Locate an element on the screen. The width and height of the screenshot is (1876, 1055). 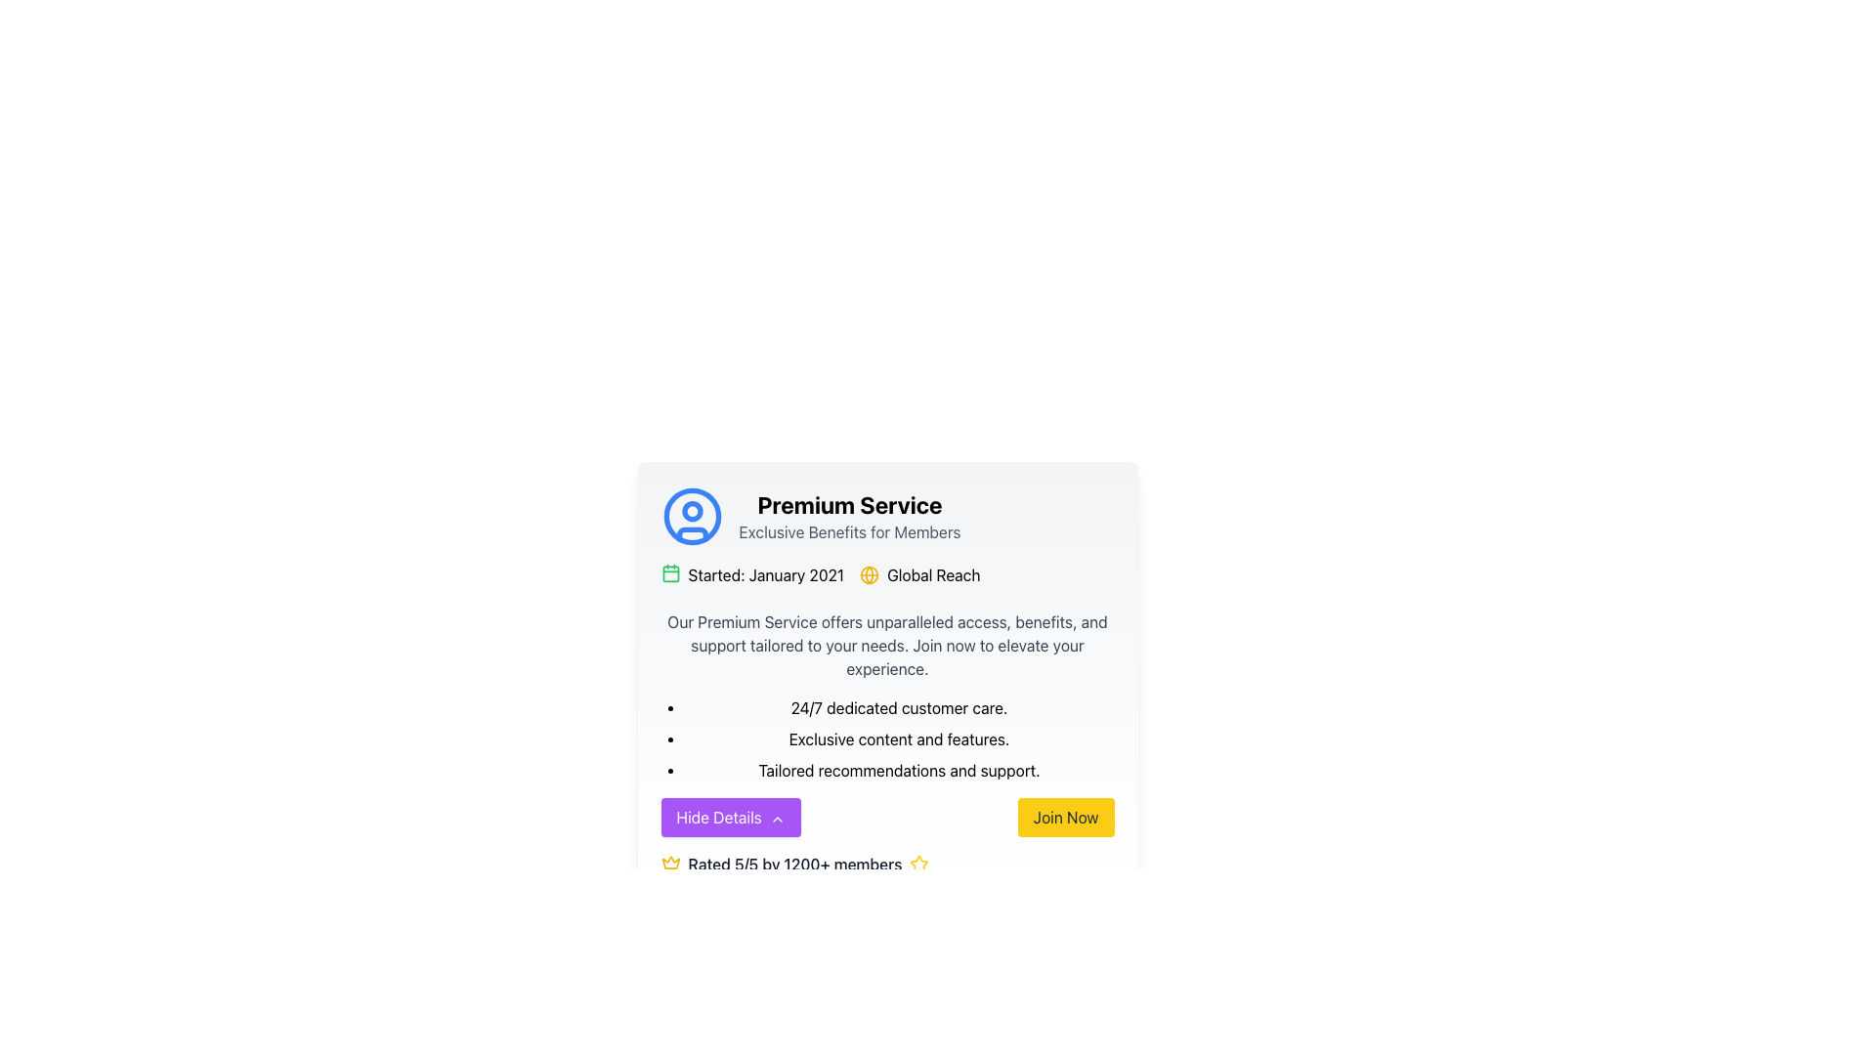
the vertically-listed group of three bullet points that describe the features of the Premium Service benefits, situated below the service overview paragraph and above the 'Hide Details' and 'Join Now' buttons is located at coordinates (898, 738).